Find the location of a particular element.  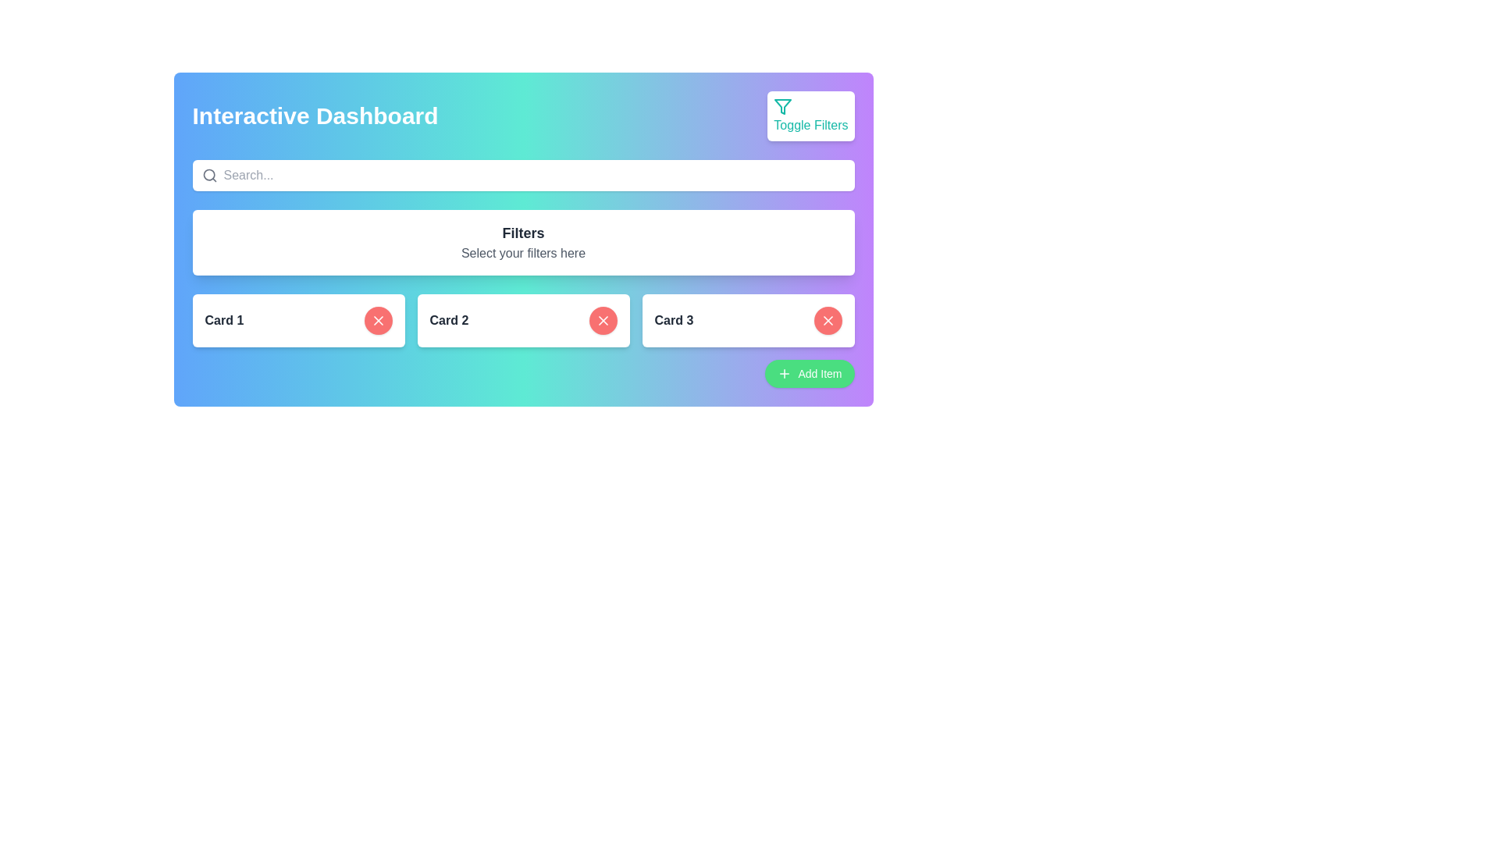

the 'X' icon button with a red background is located at coordinates (602, 320).